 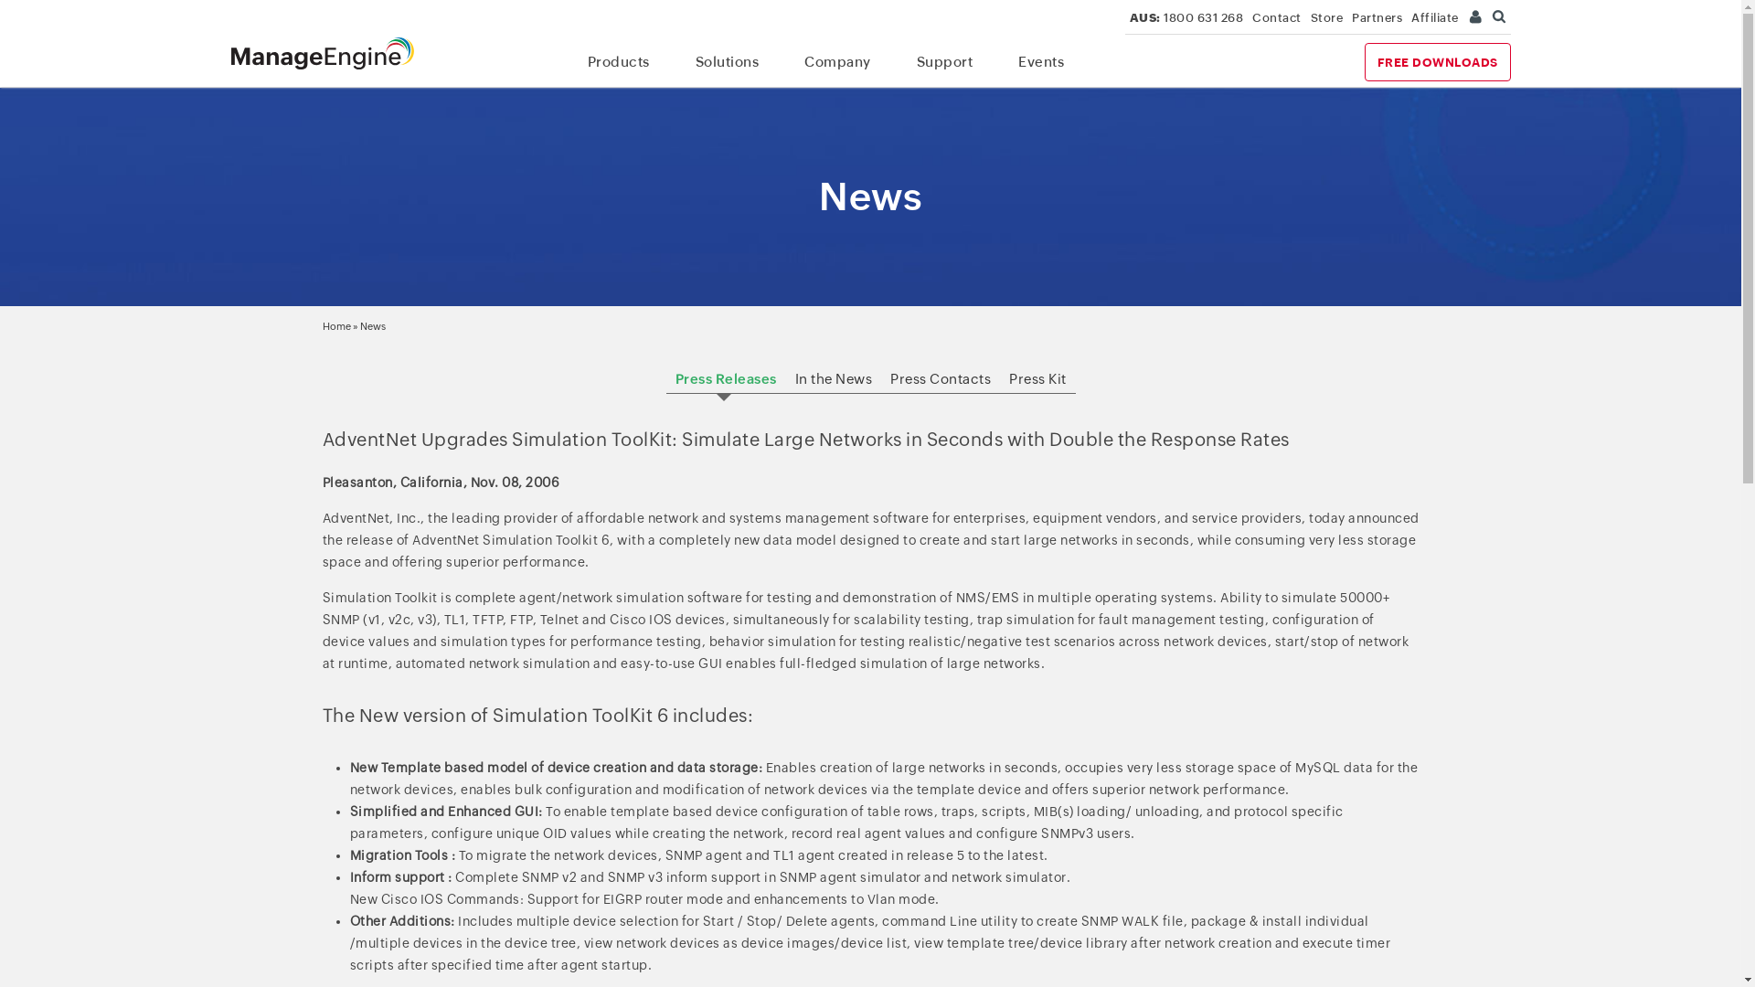 I want to click on 'Press Contacts', so click(x=940, y=377).